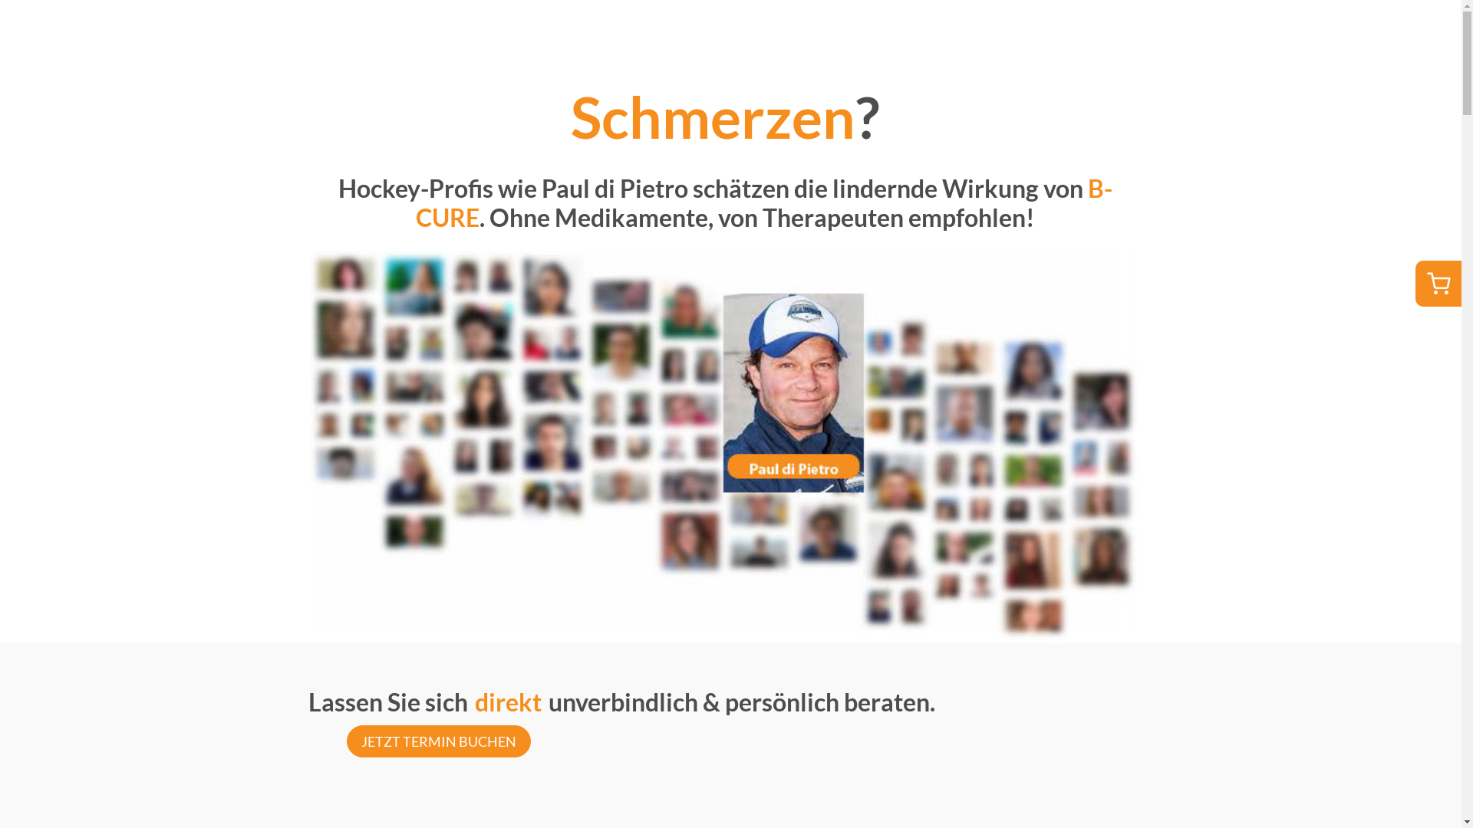 The height and width of the screenshot is (828, 1473). Describe the element at coordinates (437, 738) in the screenshot. I see `'JETZT TERMIN BUCHEN'` at that location.